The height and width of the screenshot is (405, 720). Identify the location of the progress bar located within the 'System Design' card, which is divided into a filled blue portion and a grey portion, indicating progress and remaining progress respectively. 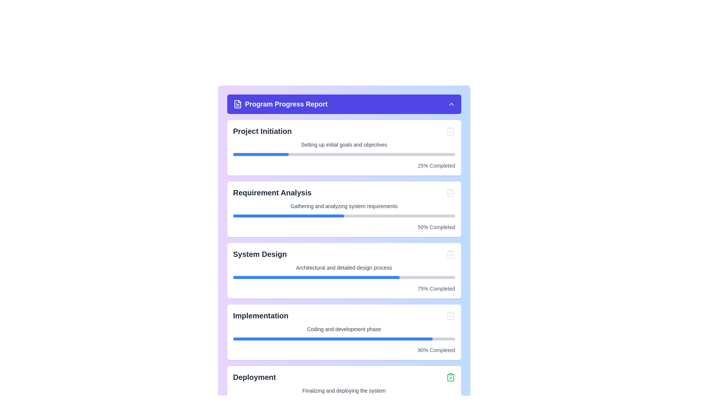
(343, 277).